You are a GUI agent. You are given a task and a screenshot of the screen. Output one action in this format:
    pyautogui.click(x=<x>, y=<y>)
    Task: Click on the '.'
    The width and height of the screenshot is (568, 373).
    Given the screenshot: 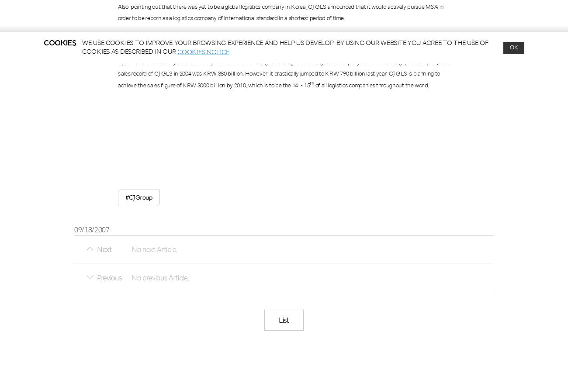 What is the action you would take?
    pyautogui.click(x=229, y=52)
    